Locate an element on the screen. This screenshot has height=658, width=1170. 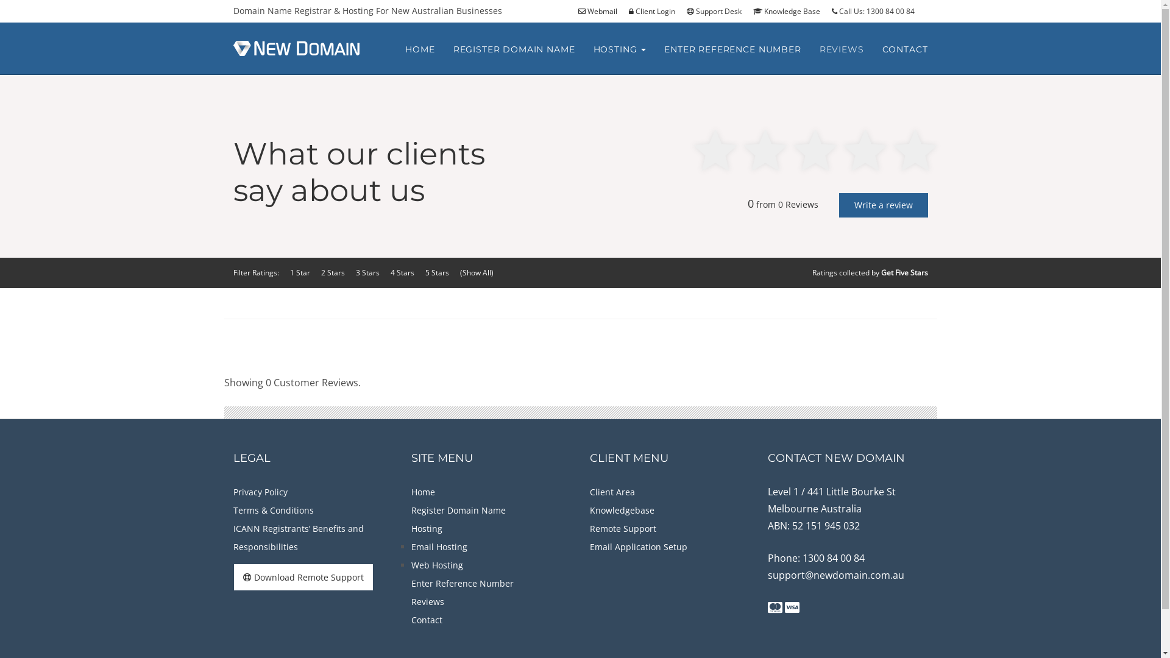
'HOSTING' is located at coordinates (619, 49).